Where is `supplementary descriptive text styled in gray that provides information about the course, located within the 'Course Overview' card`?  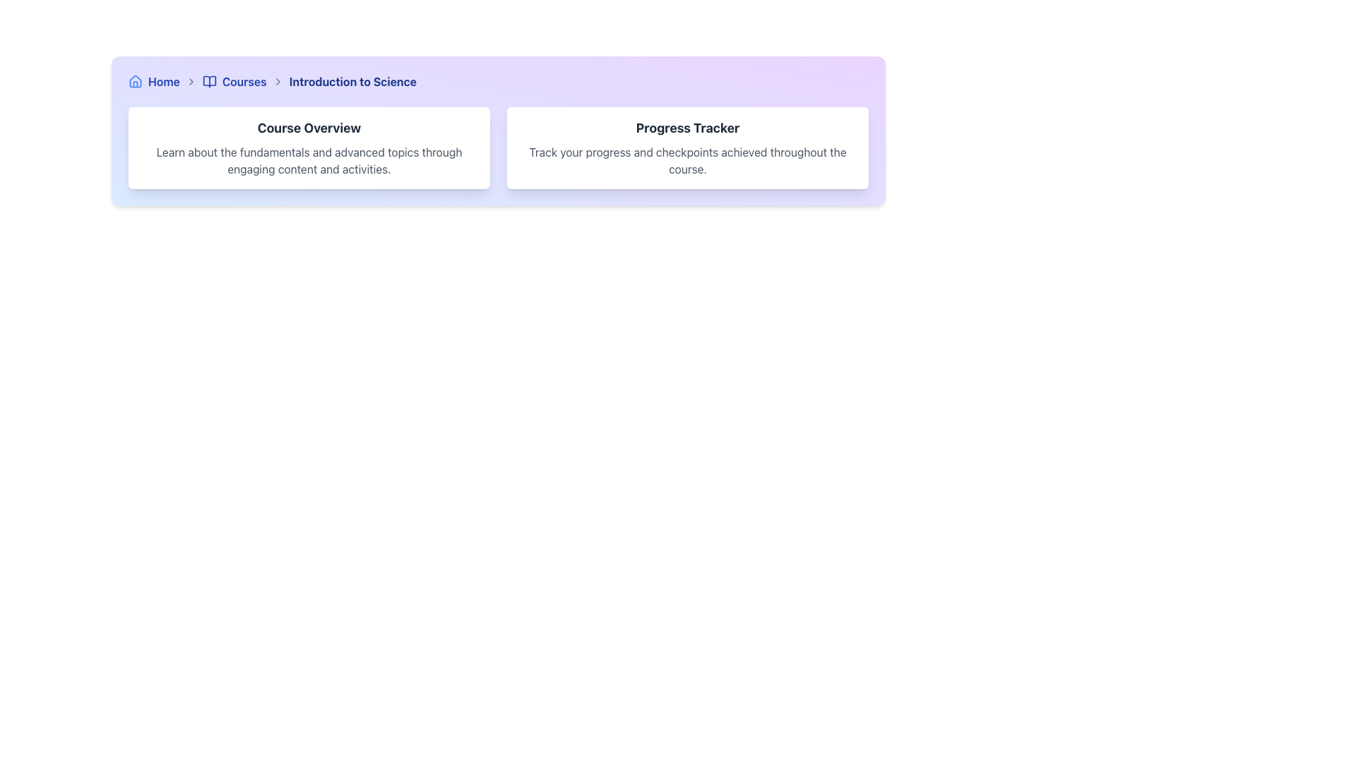 supplementary descriptive text styled in gray that provides information about the course, located within the 'Course Overview' card is located at coordinates (308, 159).